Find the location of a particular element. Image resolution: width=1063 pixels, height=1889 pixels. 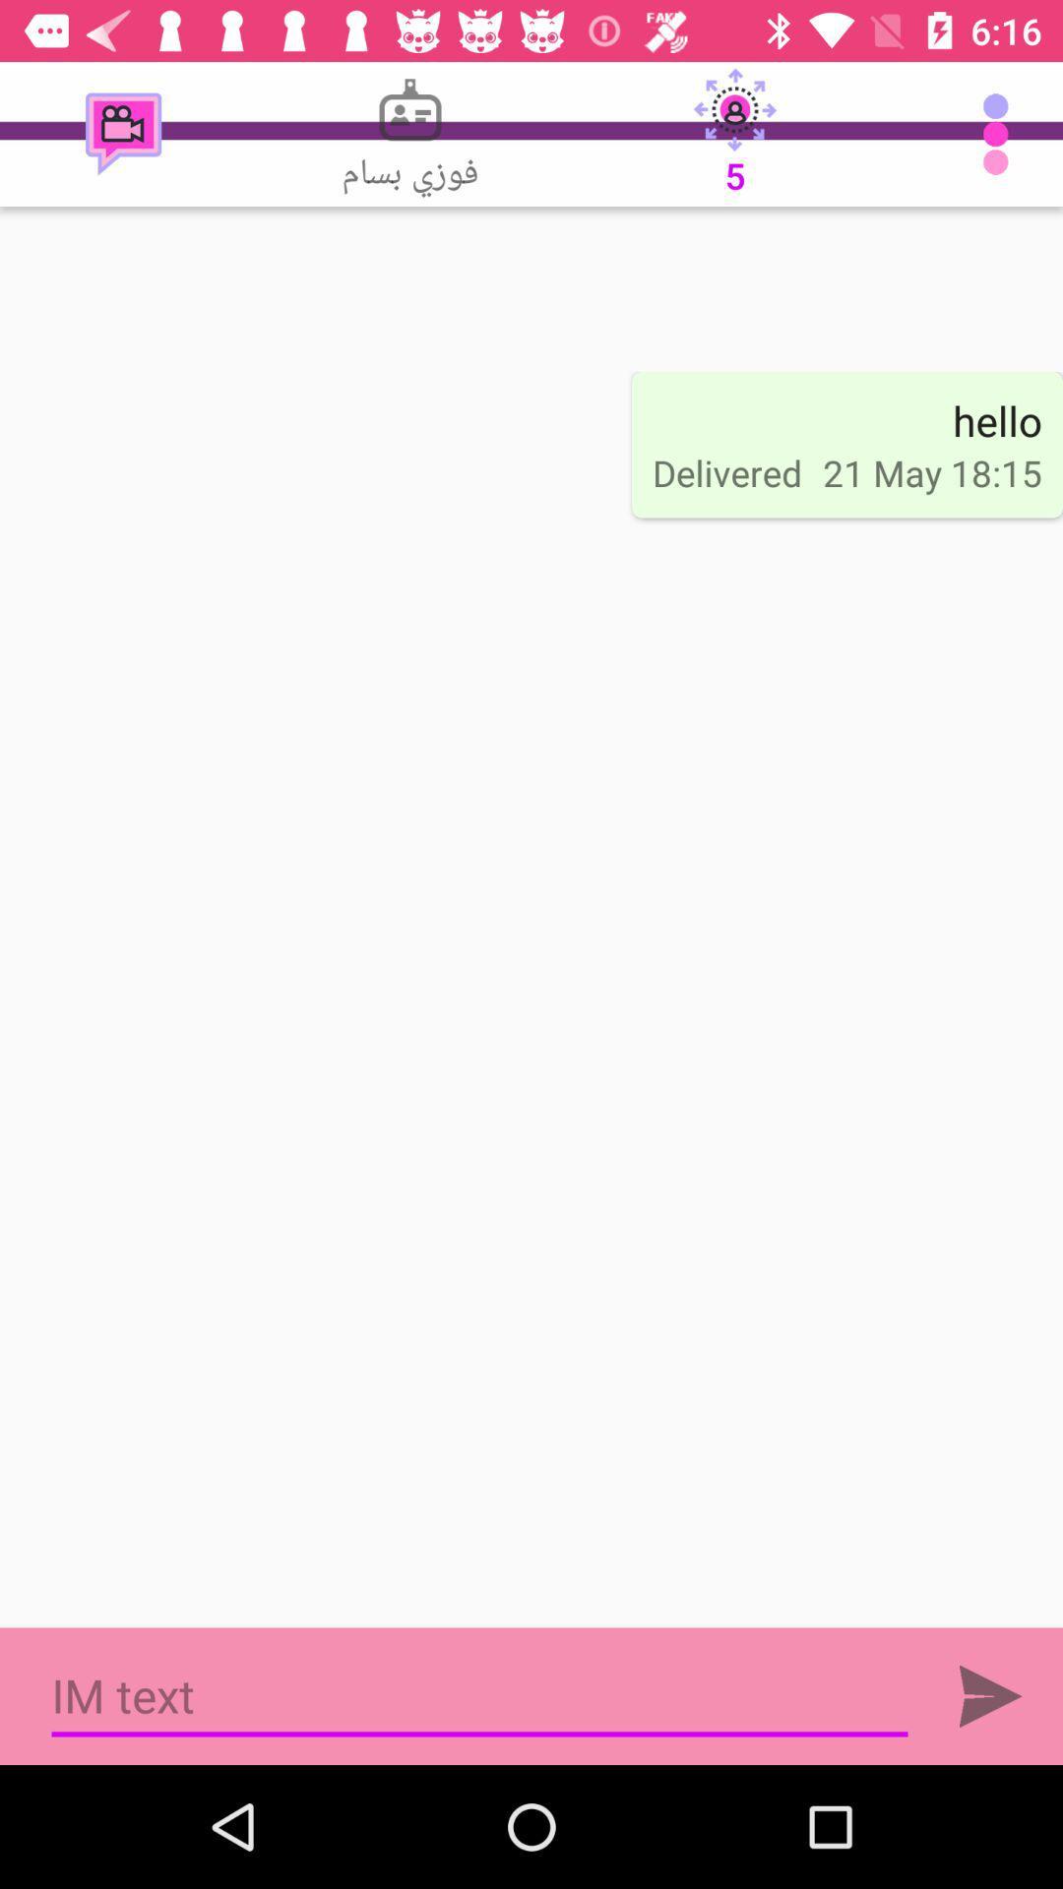

21 may 18 icon is located at coordinates (931, 472).